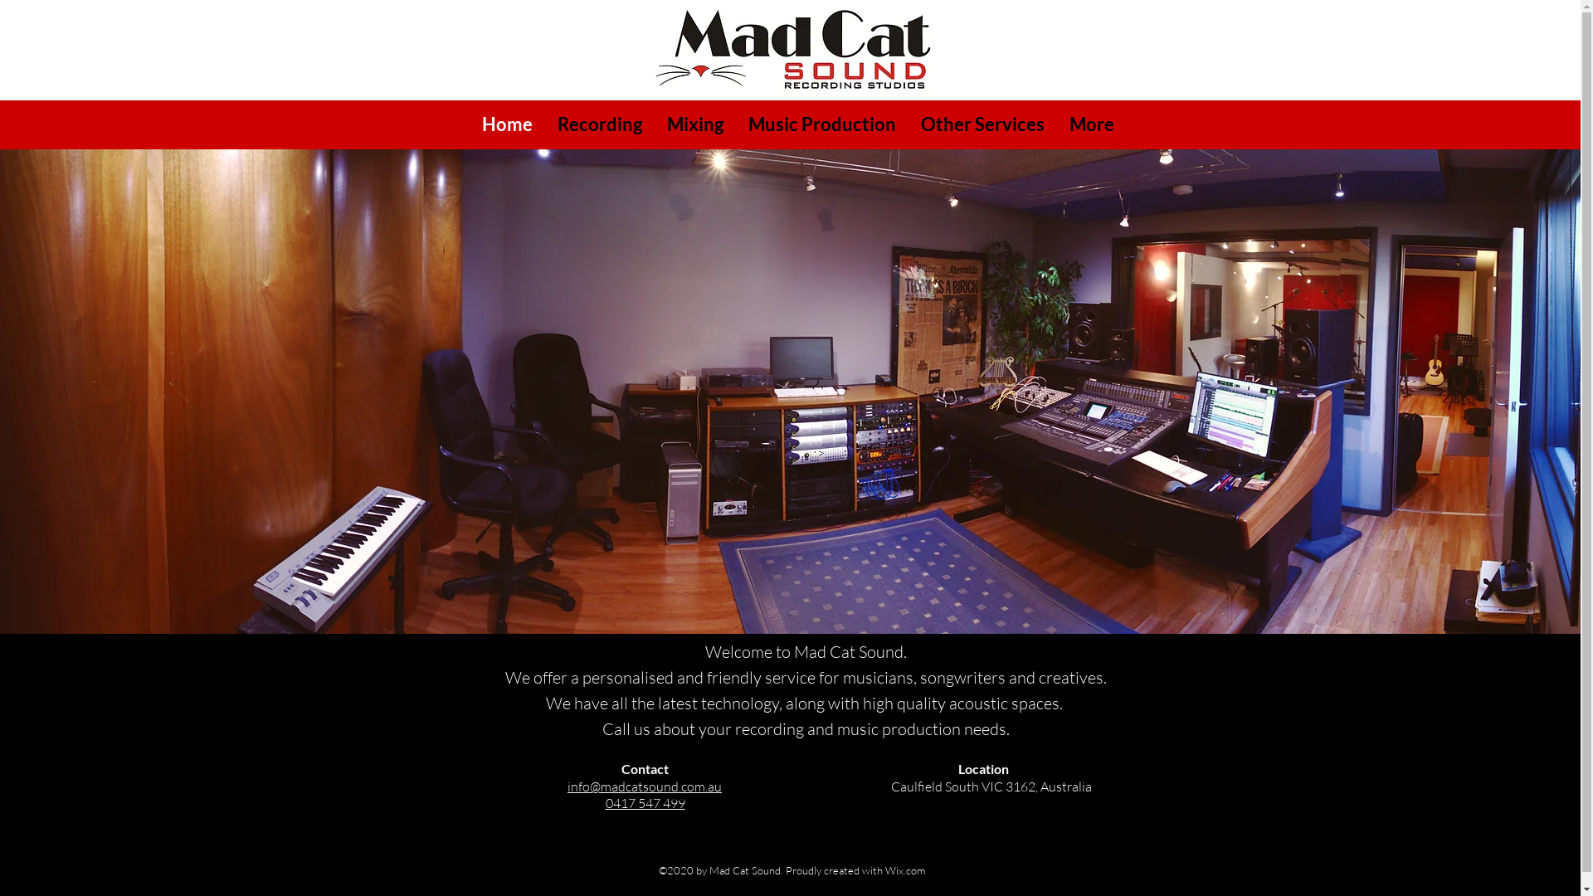 This screenshot has height=896, width=1593. I want to click on '0417 547 499', so click(644, 802).